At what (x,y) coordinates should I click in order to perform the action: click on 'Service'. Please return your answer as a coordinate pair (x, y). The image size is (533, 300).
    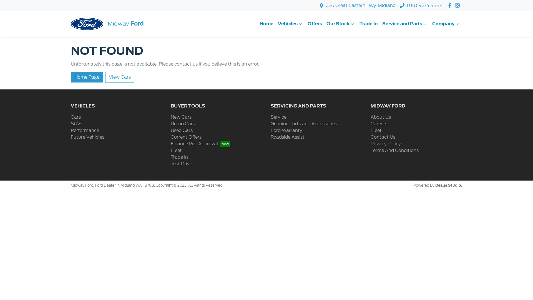
    Looking at the image, I should click on (278, 117).